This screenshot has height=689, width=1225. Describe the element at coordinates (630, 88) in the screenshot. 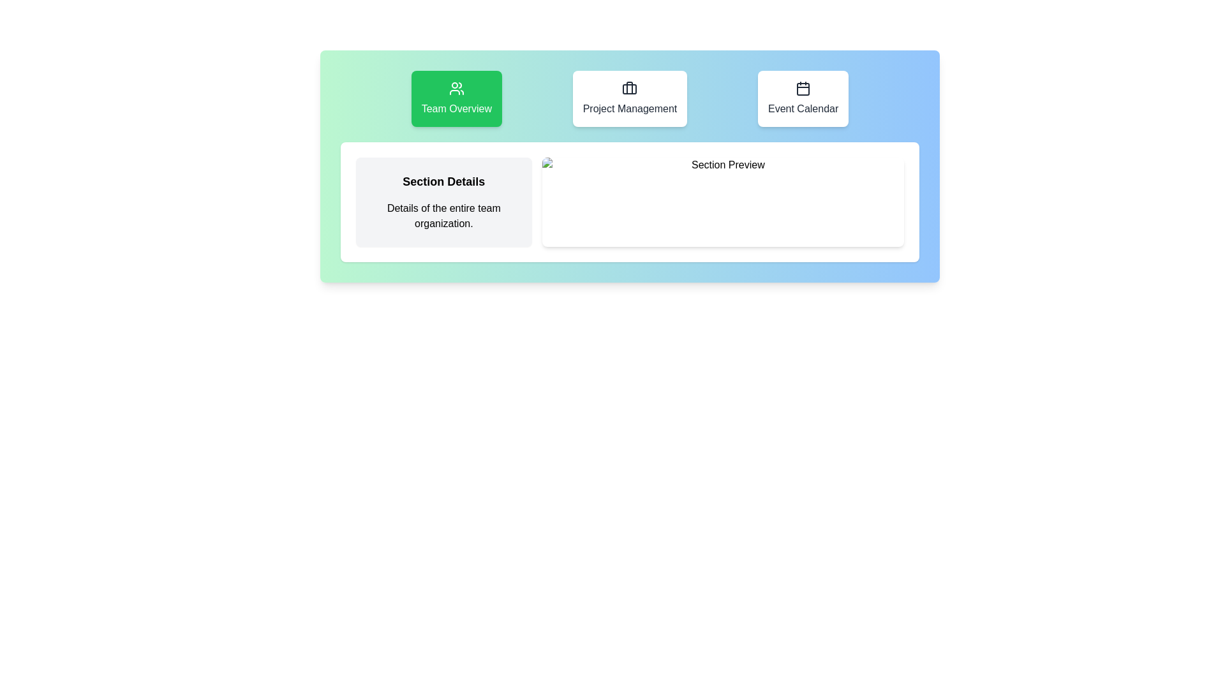

I see `the decorative SVG rectangle in the 'Project Management' section, which enhances visual appeal and user guidance` at that location.